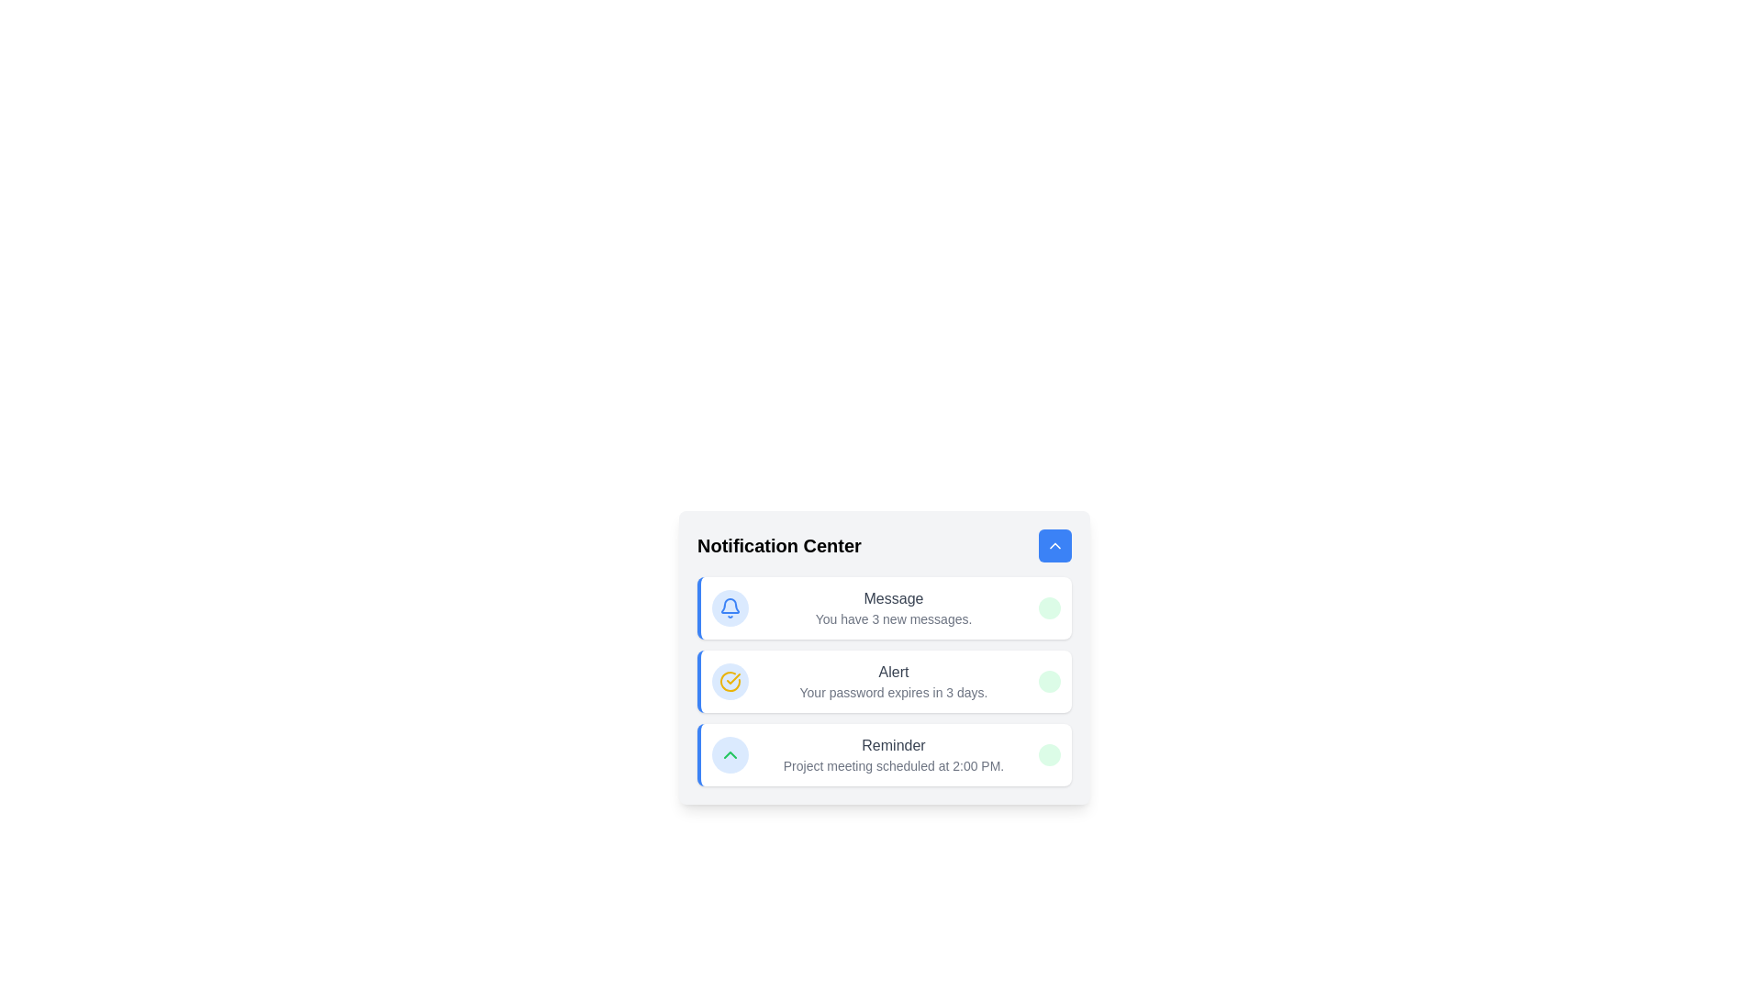  I want to click on the Notification element that alerts about password expiration, which is the second card in the notification center panel, so click(885, 682).